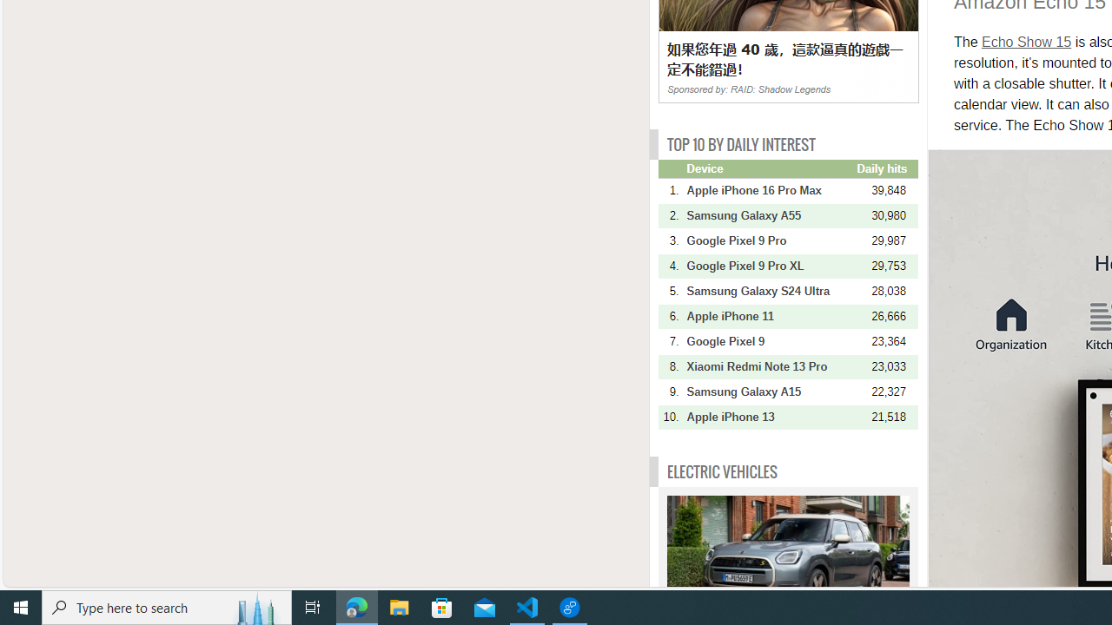  What do you see at coordinates (769, 391) in the screenshot?
I see `'Samsung Galaxy A15'` at bounding box center [769, 391].